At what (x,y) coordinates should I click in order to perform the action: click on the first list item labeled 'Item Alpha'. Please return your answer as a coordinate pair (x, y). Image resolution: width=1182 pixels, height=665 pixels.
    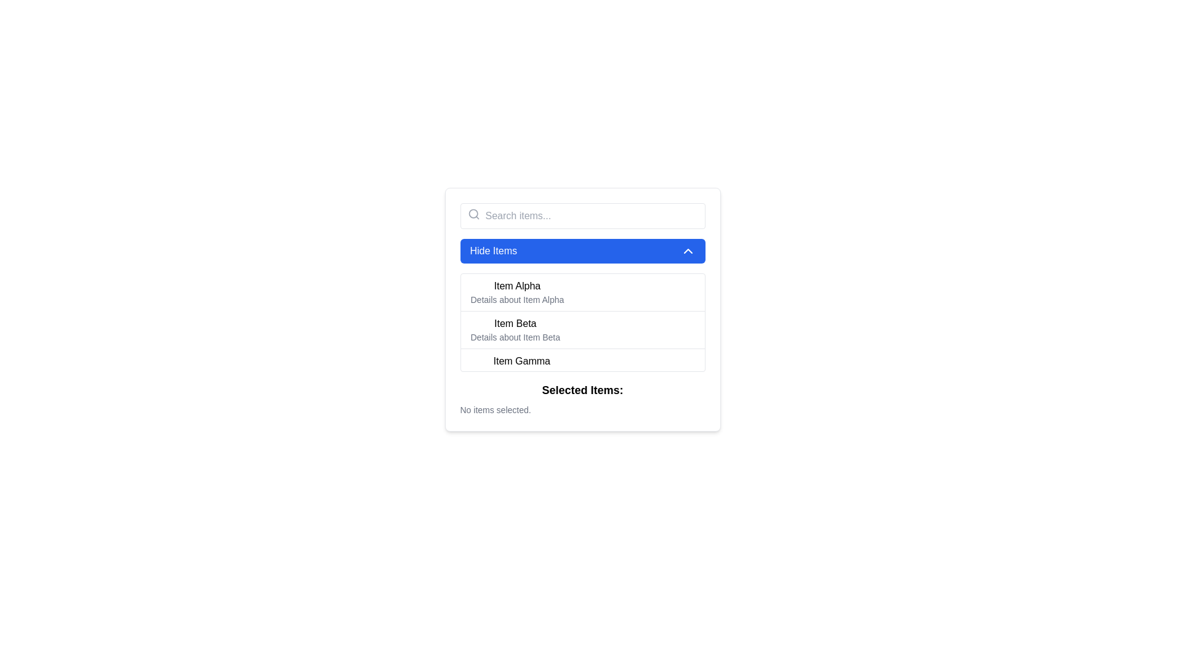
    Looking at the image, I should click on (517, 292).